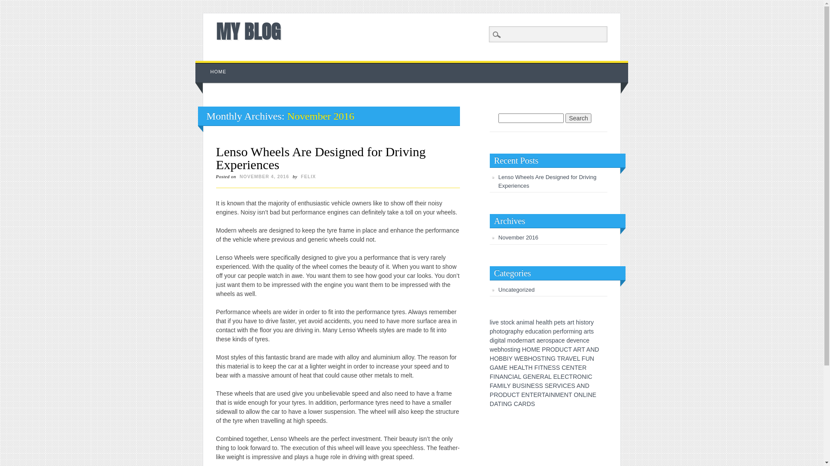 Image resolution: width=830 pixels, height=466 pixels. I want to click on 'T', so click(543, 358).